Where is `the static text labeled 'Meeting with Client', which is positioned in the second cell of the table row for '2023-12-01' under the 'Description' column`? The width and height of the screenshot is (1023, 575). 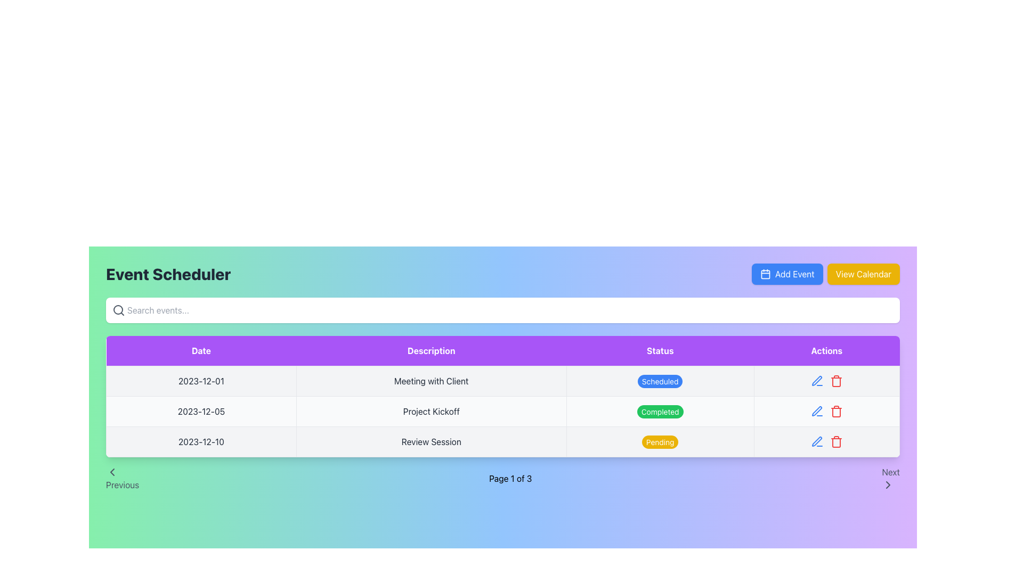 the static text labeled 'Meeting with Client', which is positioned in the second cell of the table row for '2023-12-01' under the 'Description' column is located at coordinates (431, 381).